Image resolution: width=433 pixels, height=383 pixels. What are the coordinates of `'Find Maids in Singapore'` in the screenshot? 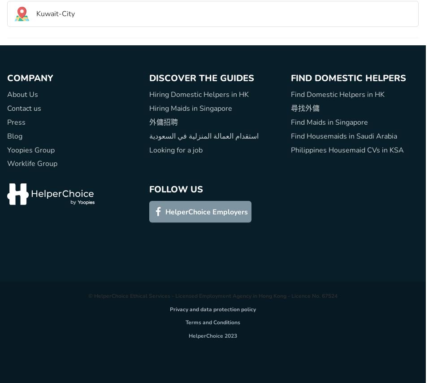 It's located at (329, 121).